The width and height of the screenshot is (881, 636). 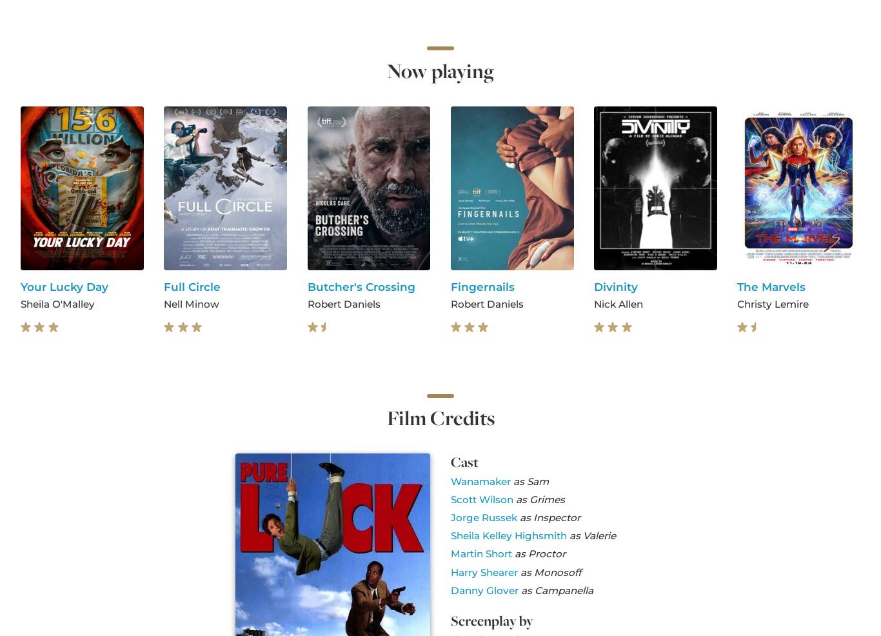 What do you see at coordinates (483, 571) in the screenshot?
I see `'Harry Shearer'` at bounding box center [483, 571].